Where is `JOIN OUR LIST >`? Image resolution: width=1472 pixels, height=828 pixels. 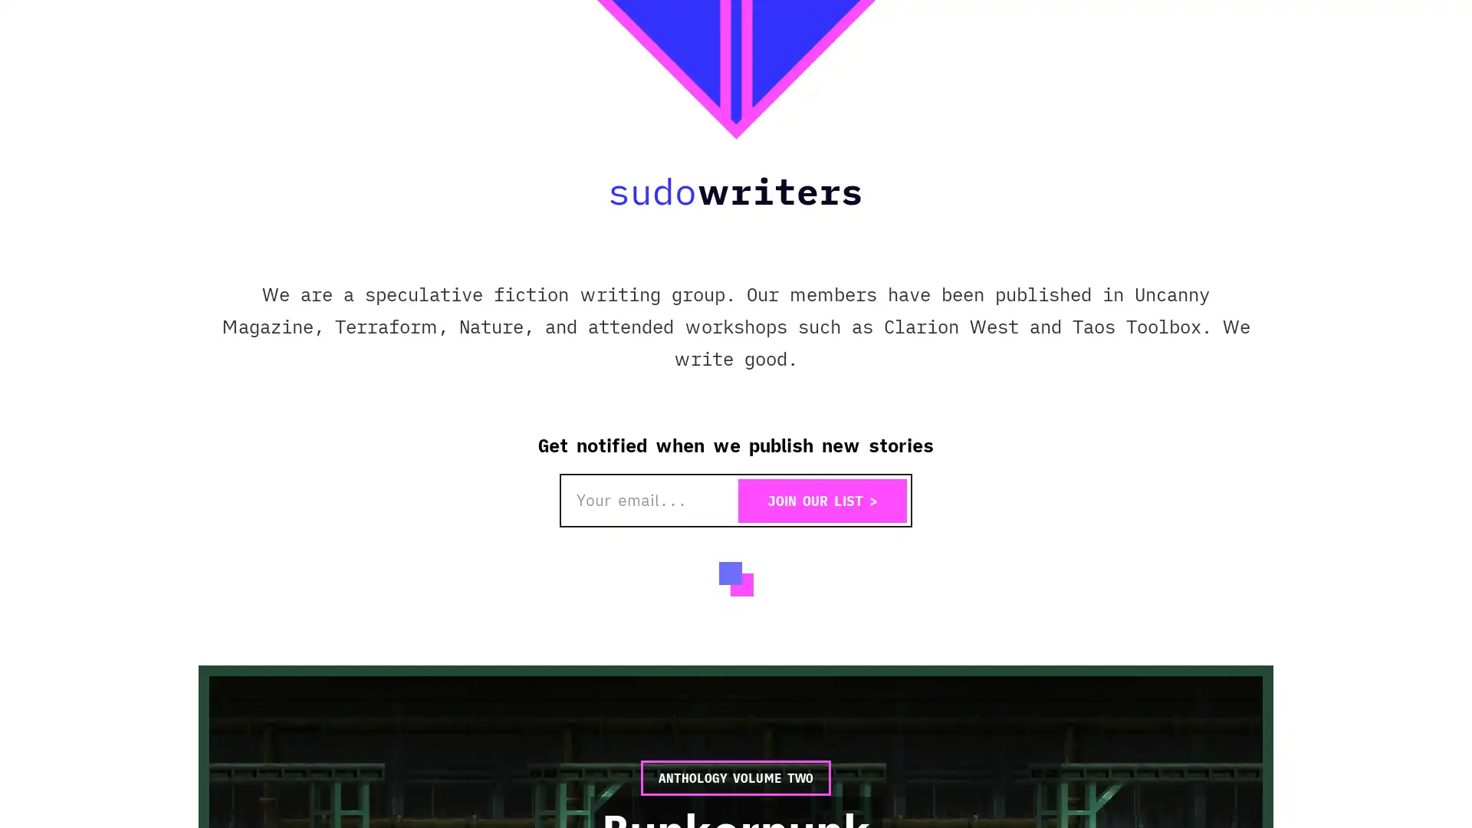 JOIN OUR LIST > is located at coordinates (822, 501).